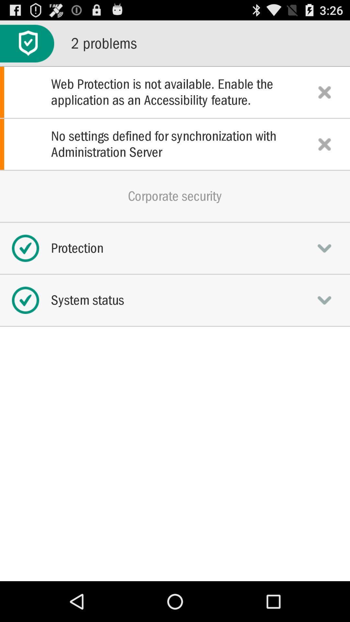 The image size is (350, 622). What do you see at coordinates (324, 300) in the screenshot?
I see `system status` at bounding box center [324, 300].